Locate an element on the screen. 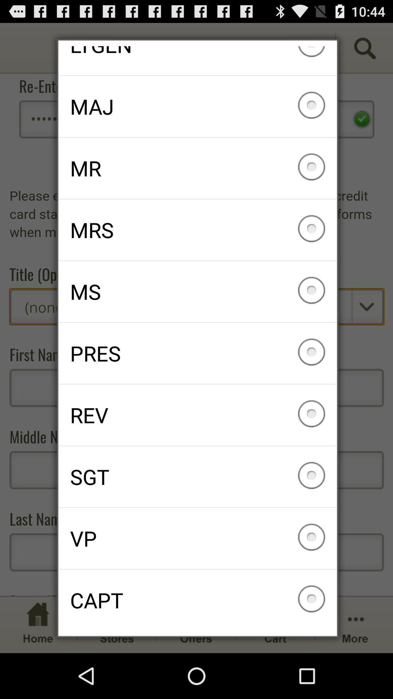 Image resolution: width=393 pixels, height=699 pixels. checkbox below maj icon is located at coordinates (197, 167).